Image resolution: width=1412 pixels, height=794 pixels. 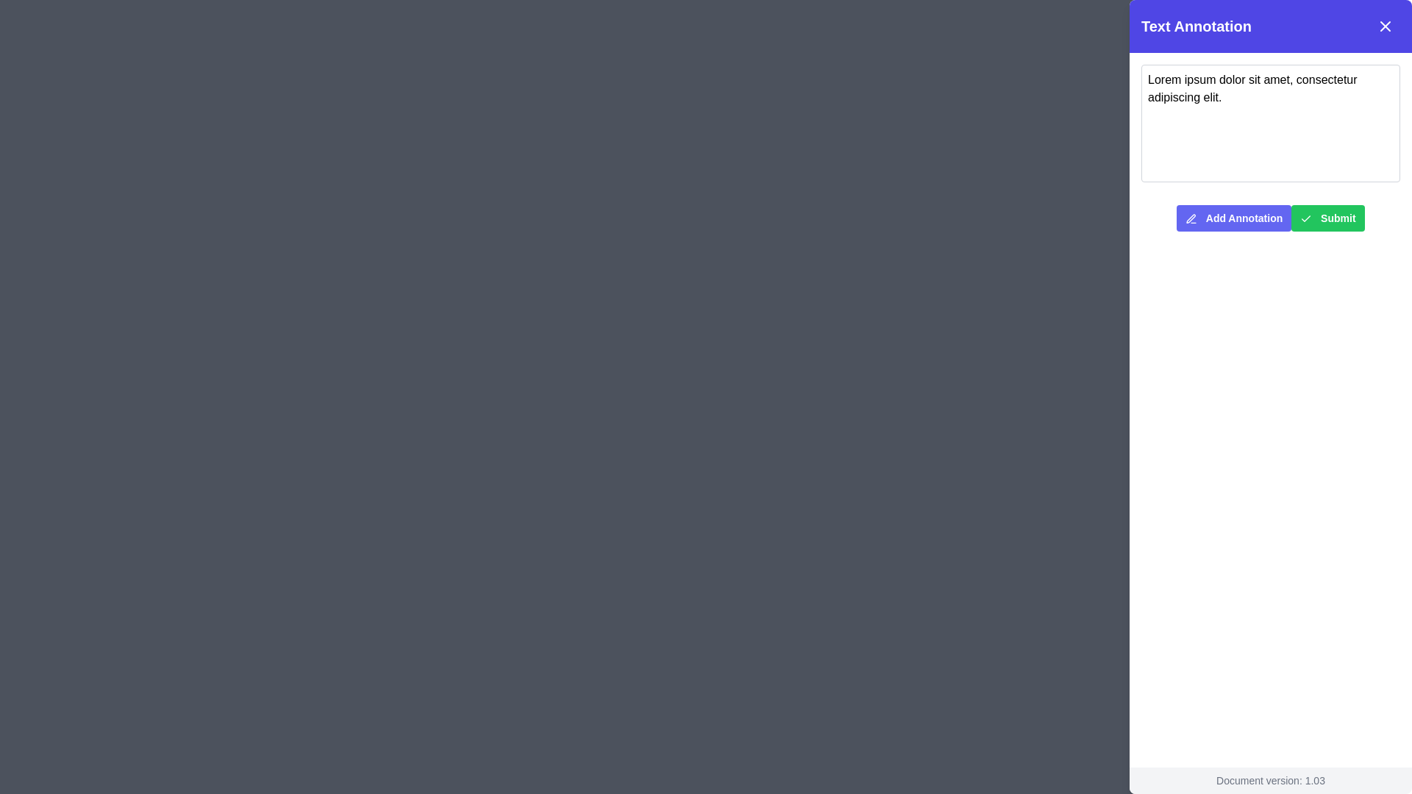 What do you see at coordinates (1197, 26) in the screenshot?
I see `the text label 'Text Annotation' which is styled in bold with a large font size, located at the top of the right-hand panel on the left side of the header section` at bounding box center [1197, 26].